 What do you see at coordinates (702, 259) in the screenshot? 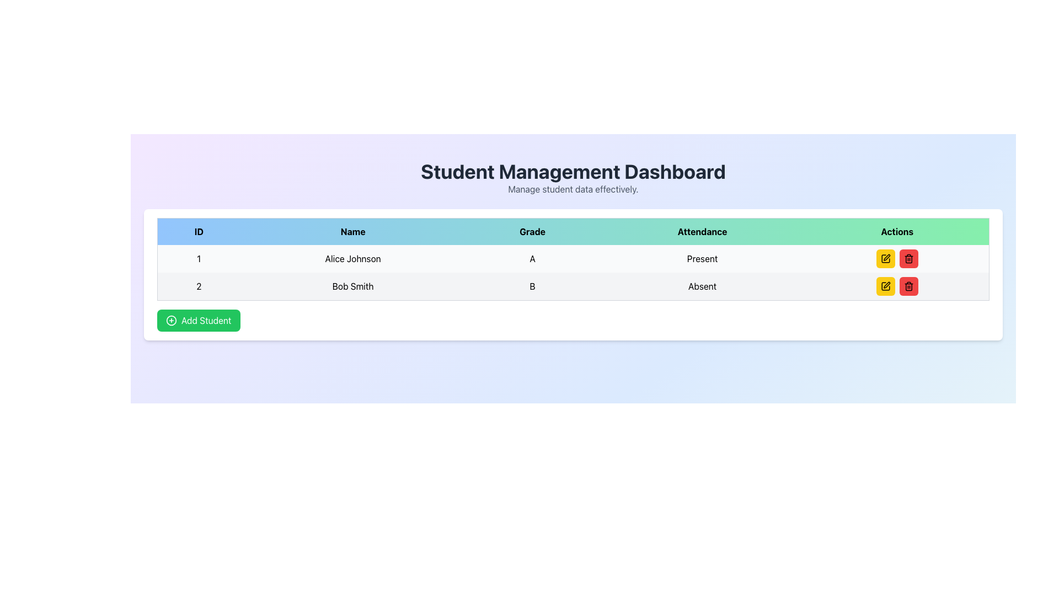
I see `the text label containing the word 'Present' in black, located in the fourth cell of the first row in the Attendance column of the table` at bounding box center [702, 259].